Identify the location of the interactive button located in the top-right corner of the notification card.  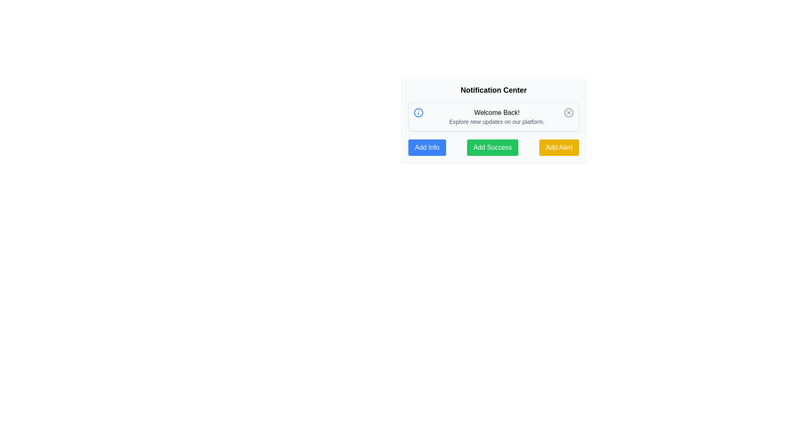
(568, 112).